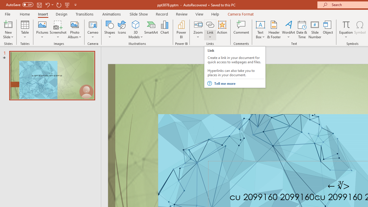 The image size is (368, 207). Describe the element at coordinates (241, 14) in the screenshot. I see `'Camera Format'` at that location.